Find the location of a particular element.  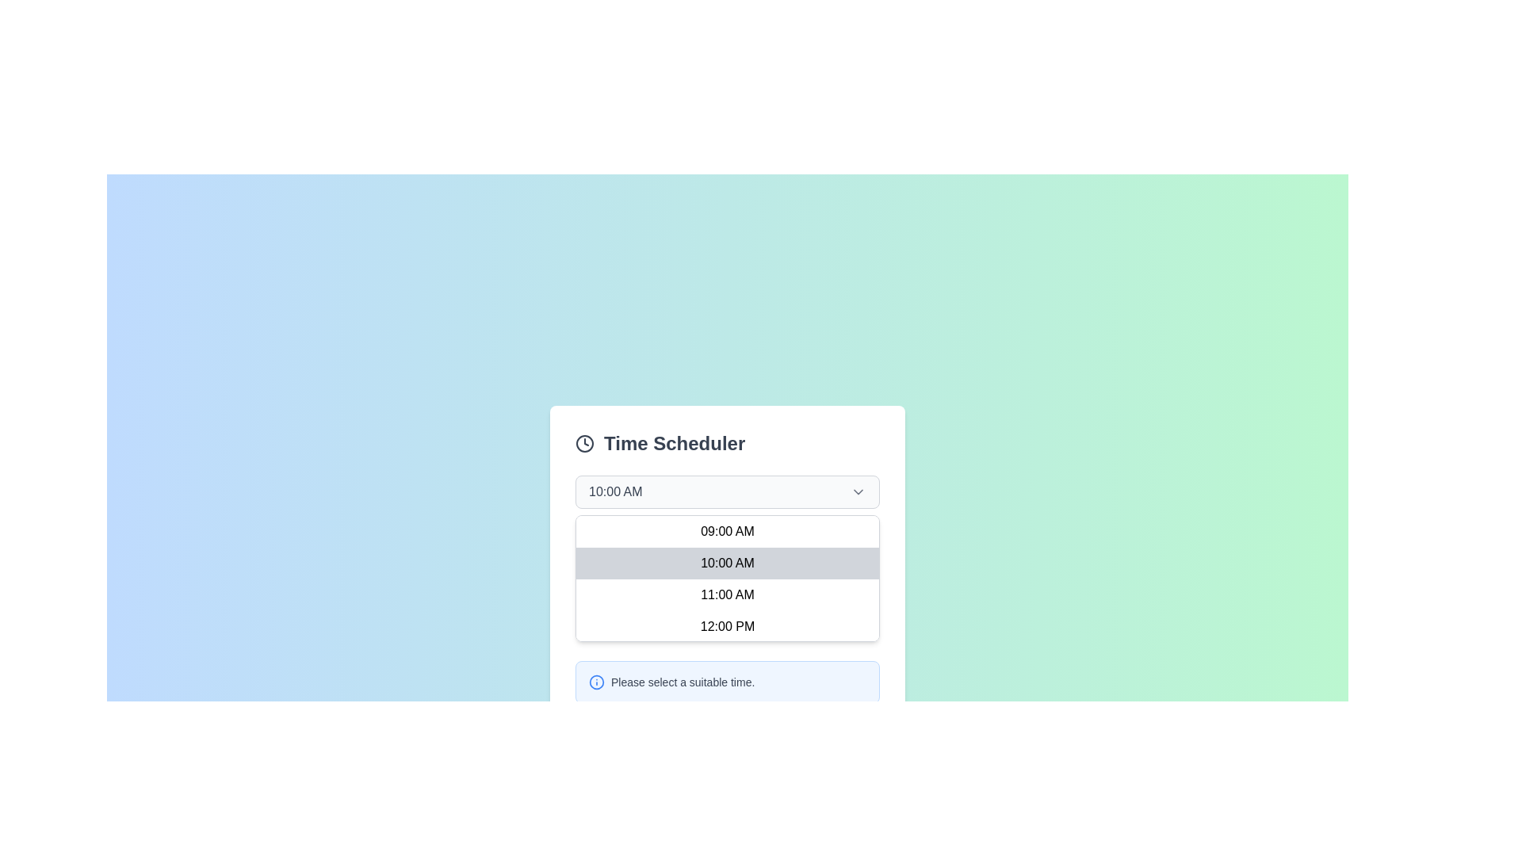

the fourth selectable list item for the time '12:00 PM' in the schedule picker located beneath the 'Time Scheduler' header is located at coordinates (726, 625).